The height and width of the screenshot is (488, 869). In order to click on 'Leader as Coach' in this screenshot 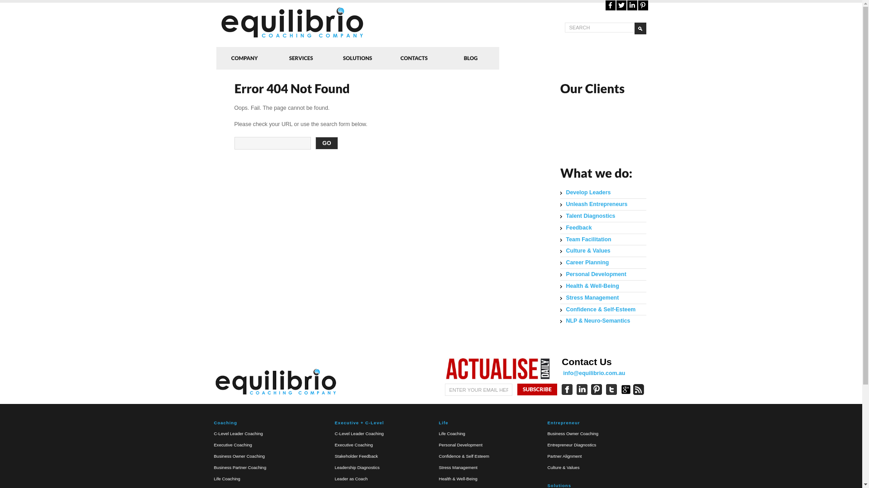, I will do `click(351, 478)`.